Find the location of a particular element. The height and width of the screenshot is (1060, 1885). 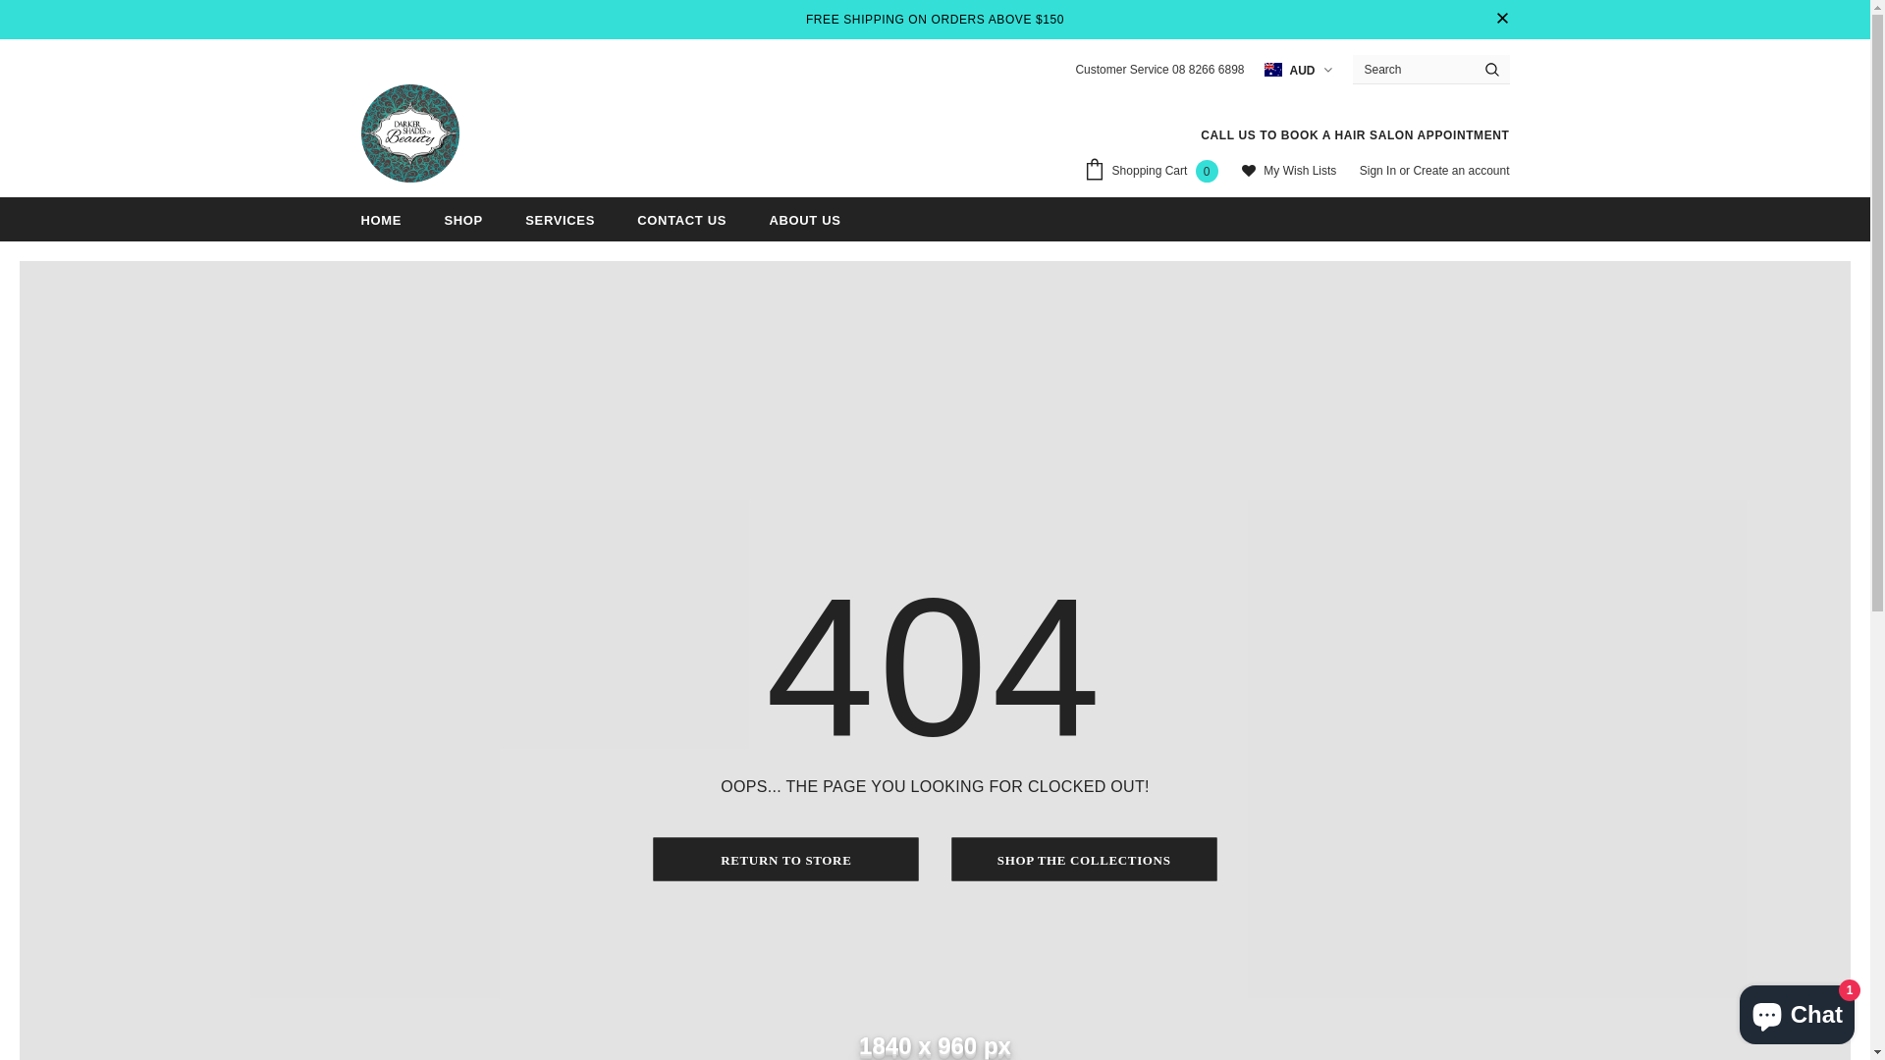

'My Wish Lists' is located at coordinates (1289, 171).